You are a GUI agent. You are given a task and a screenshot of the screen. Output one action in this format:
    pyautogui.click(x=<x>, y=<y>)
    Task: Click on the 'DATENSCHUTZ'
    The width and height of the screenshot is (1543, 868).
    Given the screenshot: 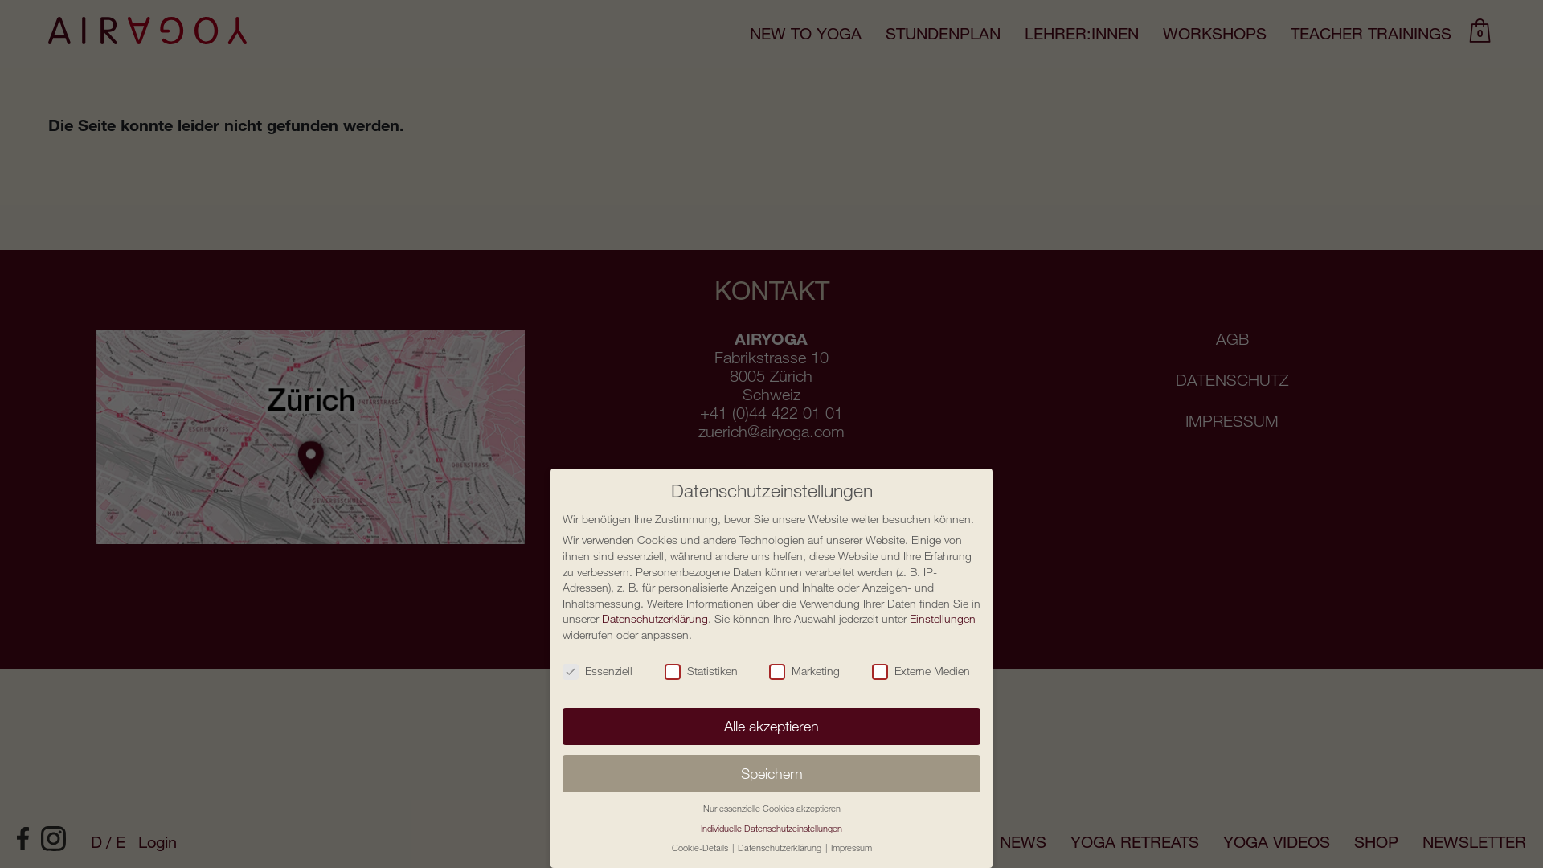 What is the action you would take?
    pyautogui.click(x=1230, y=379)
    